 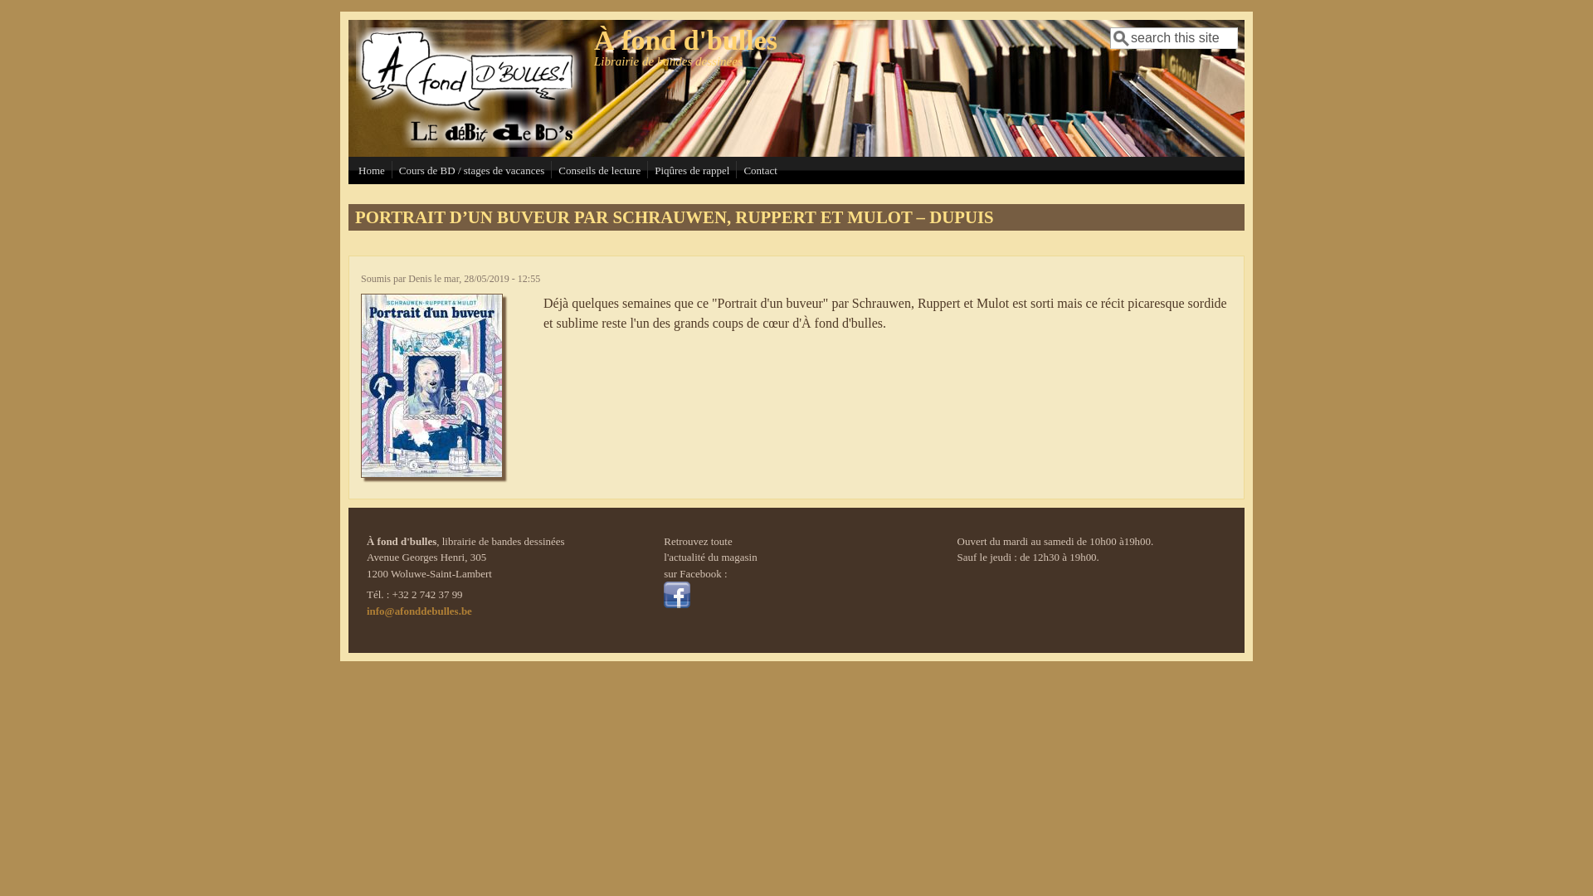 What do you see at coordinates (419, 611) in the screenshot?
I see `'info@afonddebulles.be'` at bounding box center [419, 611].